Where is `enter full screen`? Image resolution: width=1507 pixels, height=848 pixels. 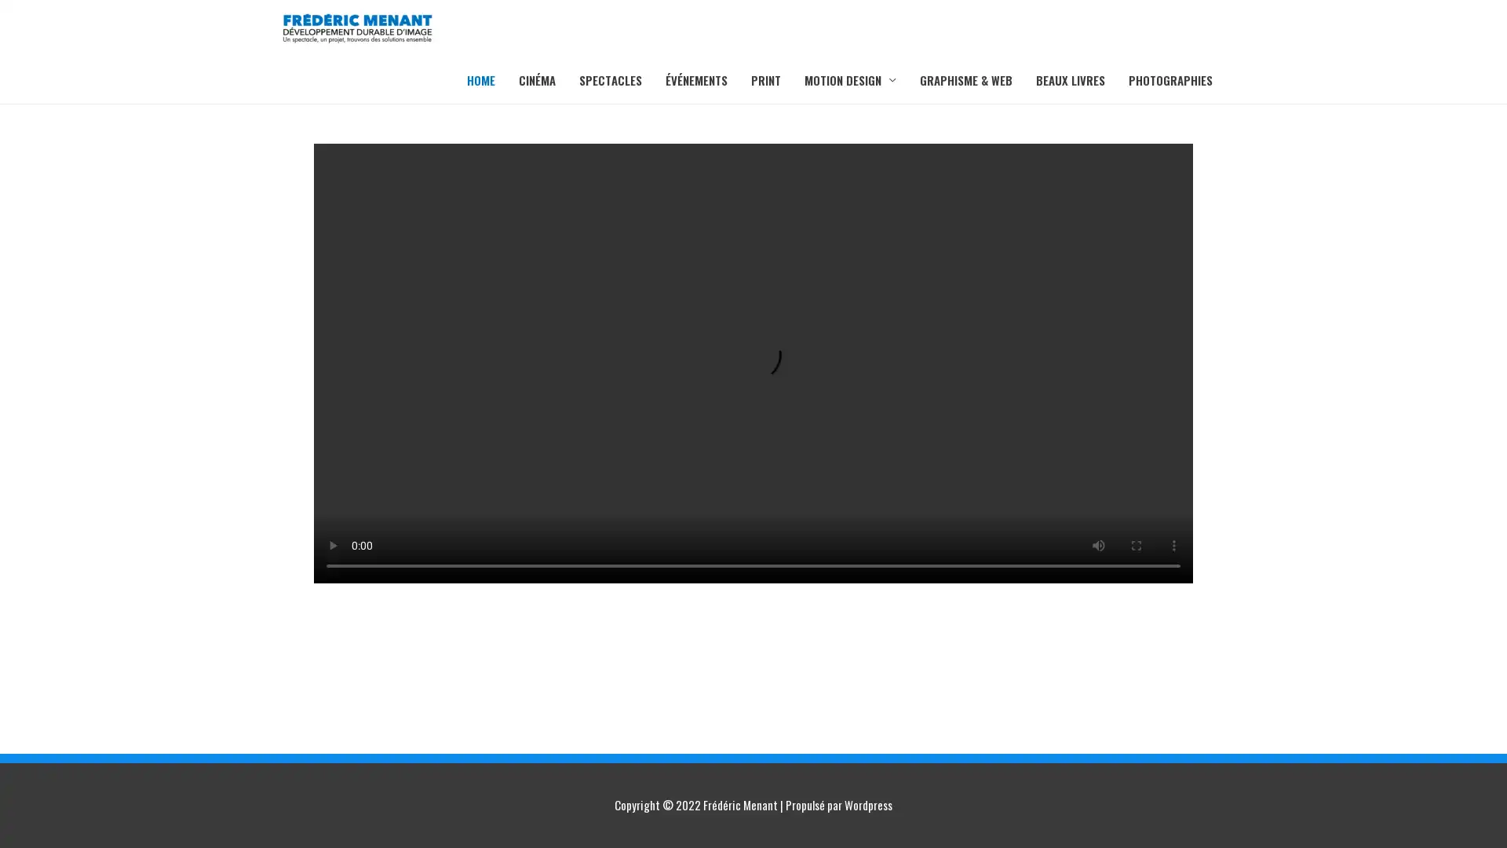 enter full screen is located at coordinates (1137, 544).